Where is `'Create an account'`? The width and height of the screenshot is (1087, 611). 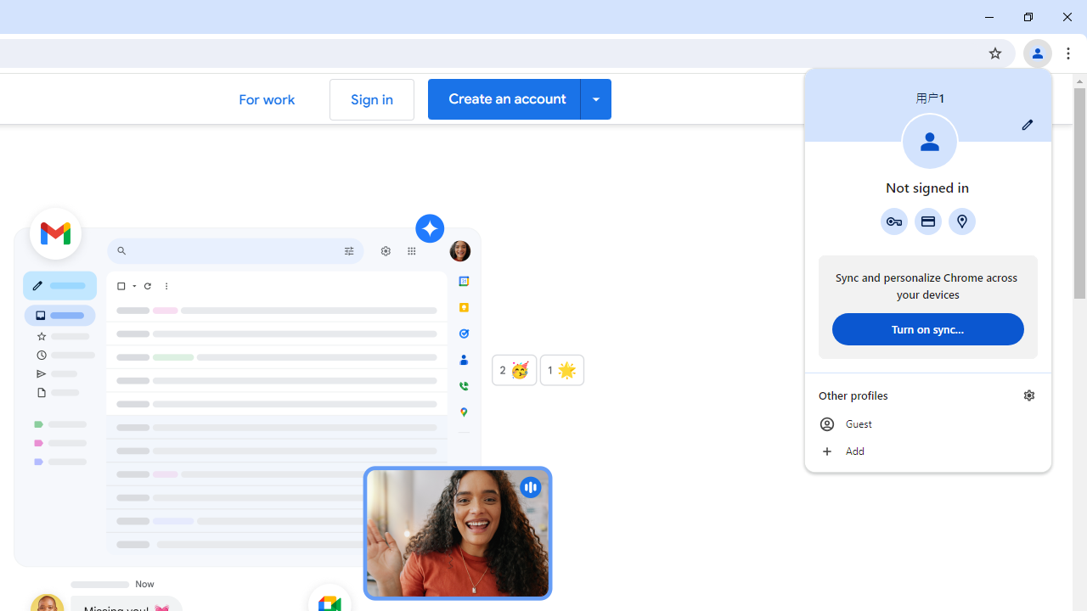
'Create an account' is located at coordinates (518, 98).